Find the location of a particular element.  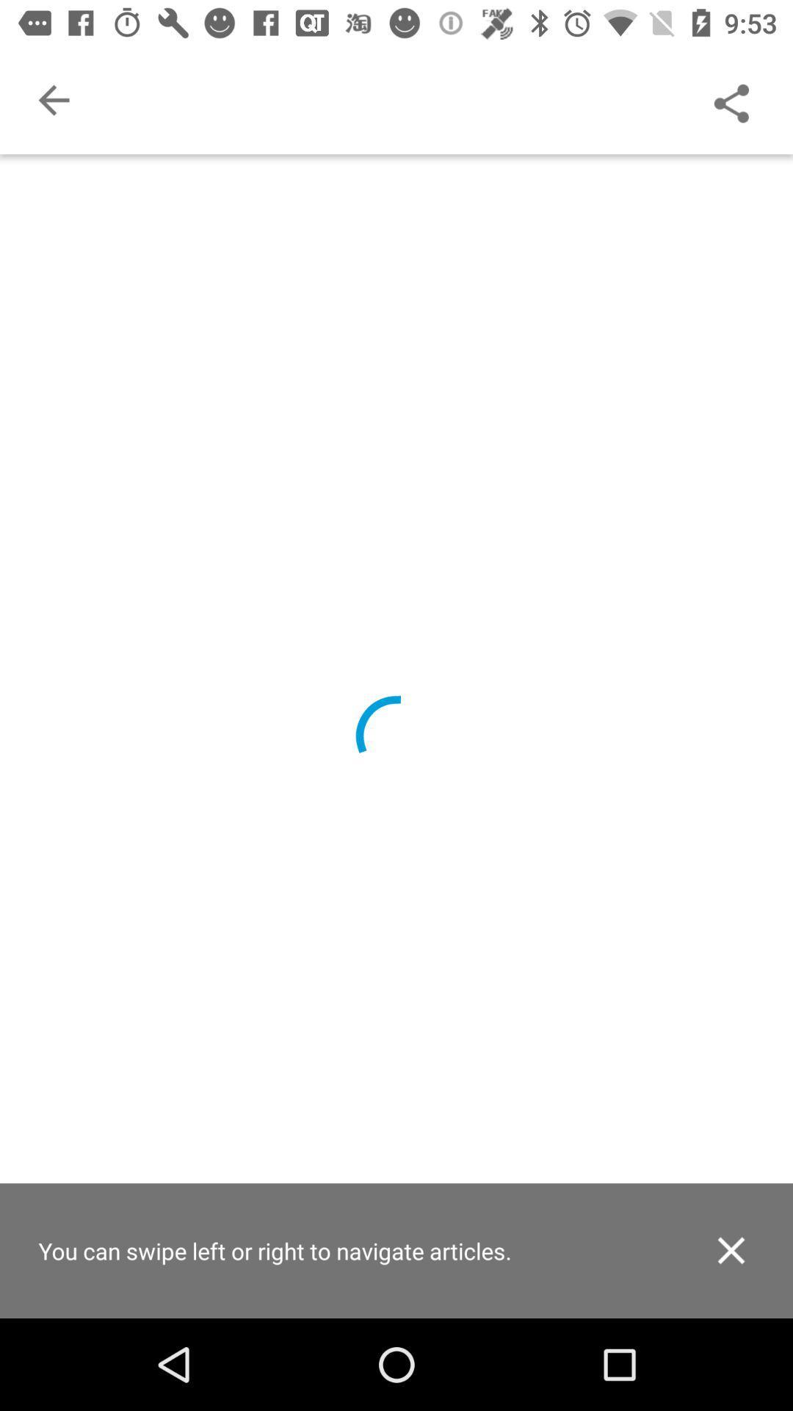

icon at the bottom right corner is located at coordinates (731, 1249).